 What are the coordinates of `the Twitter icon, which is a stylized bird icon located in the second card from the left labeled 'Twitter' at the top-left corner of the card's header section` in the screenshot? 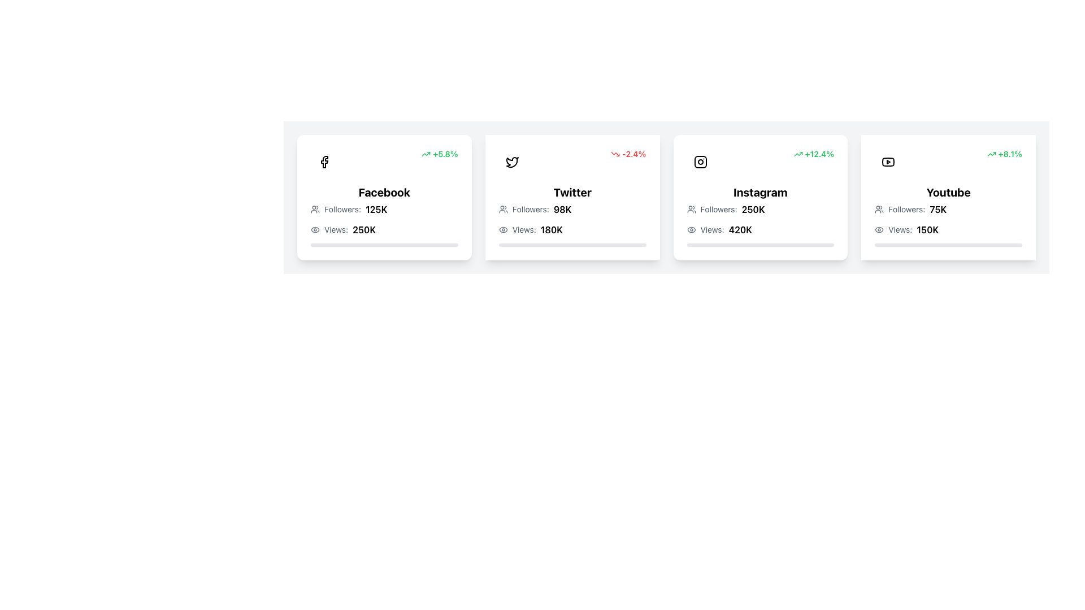 It's located at (511, 162).